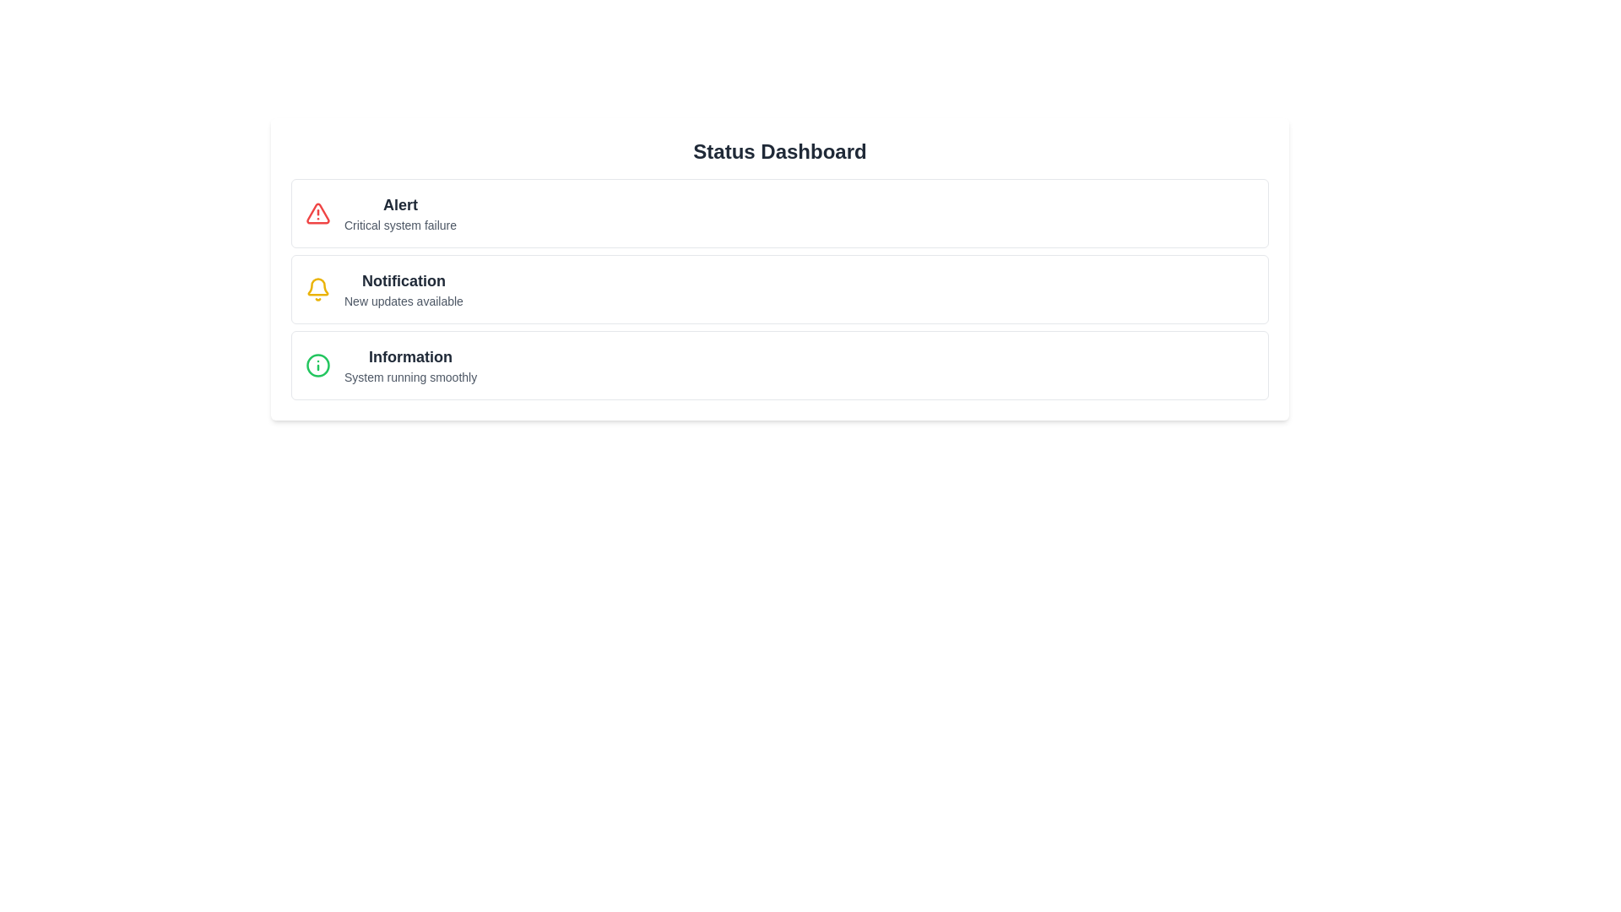 This screenshot has width=1621, height=912. What do you see at coordinates (399, 213) in the screenshot?
I see `text content of the Composite text component displaying the title 'Alert' and description 'Critical system failure', which is located below the 'Status Dashboard'` at bounding box center [399, 213].